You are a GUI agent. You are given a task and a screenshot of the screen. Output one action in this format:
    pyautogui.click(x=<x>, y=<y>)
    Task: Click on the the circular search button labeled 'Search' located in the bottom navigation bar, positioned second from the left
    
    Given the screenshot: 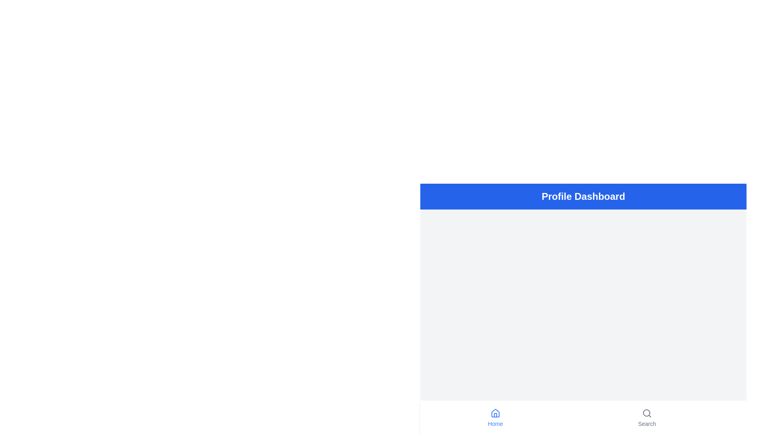 What is the action you would take?
    pyautogui.click(x=647, y=418)
    